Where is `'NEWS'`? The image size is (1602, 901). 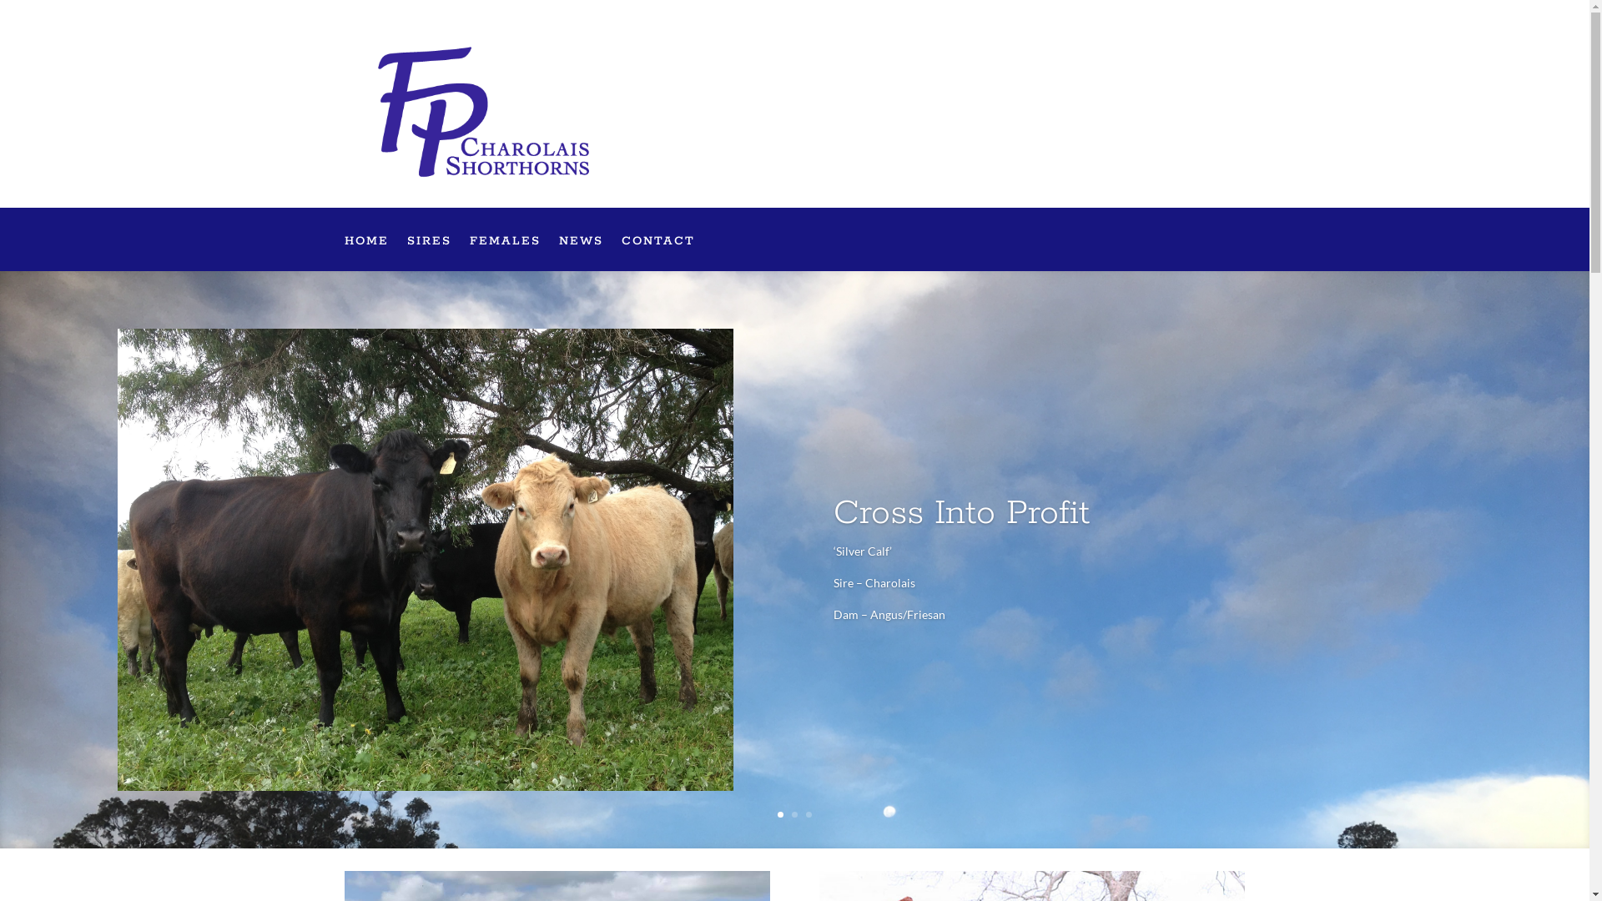 'NEWS' is located at coordinates (581, 253).